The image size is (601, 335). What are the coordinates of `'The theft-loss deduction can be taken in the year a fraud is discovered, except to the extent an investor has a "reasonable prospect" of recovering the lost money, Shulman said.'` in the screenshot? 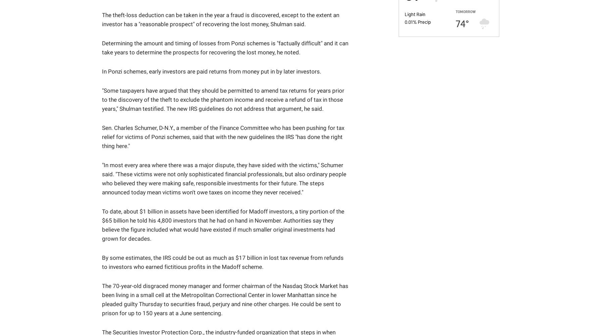 It's located at (220, 19).